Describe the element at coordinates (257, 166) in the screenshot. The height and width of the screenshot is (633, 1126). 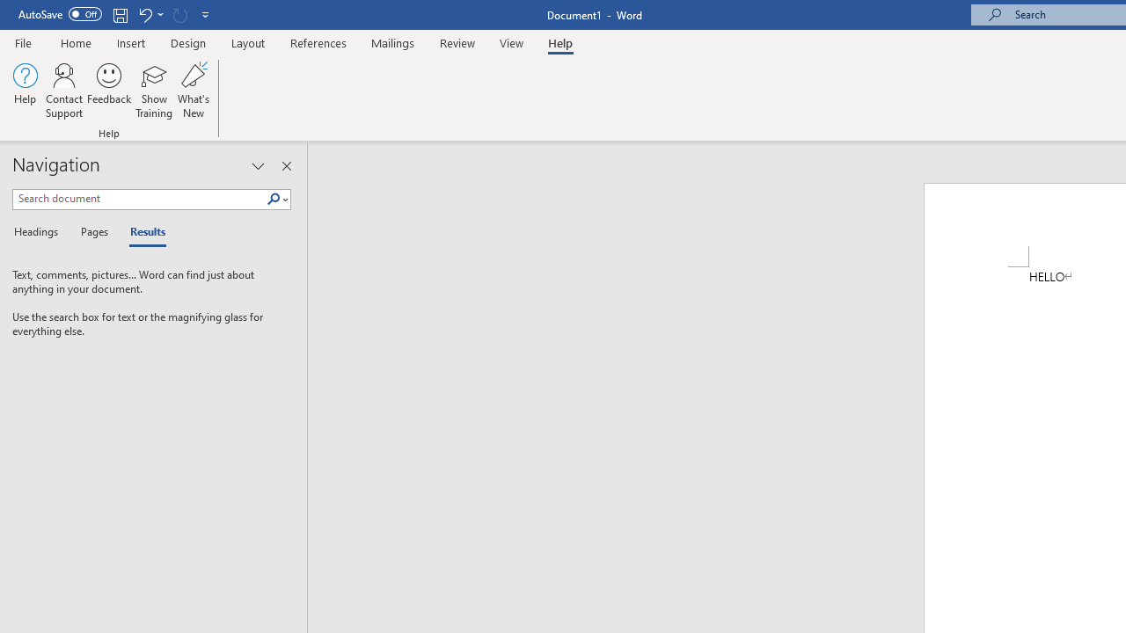
I see `'Task Pane Options'` at that location.